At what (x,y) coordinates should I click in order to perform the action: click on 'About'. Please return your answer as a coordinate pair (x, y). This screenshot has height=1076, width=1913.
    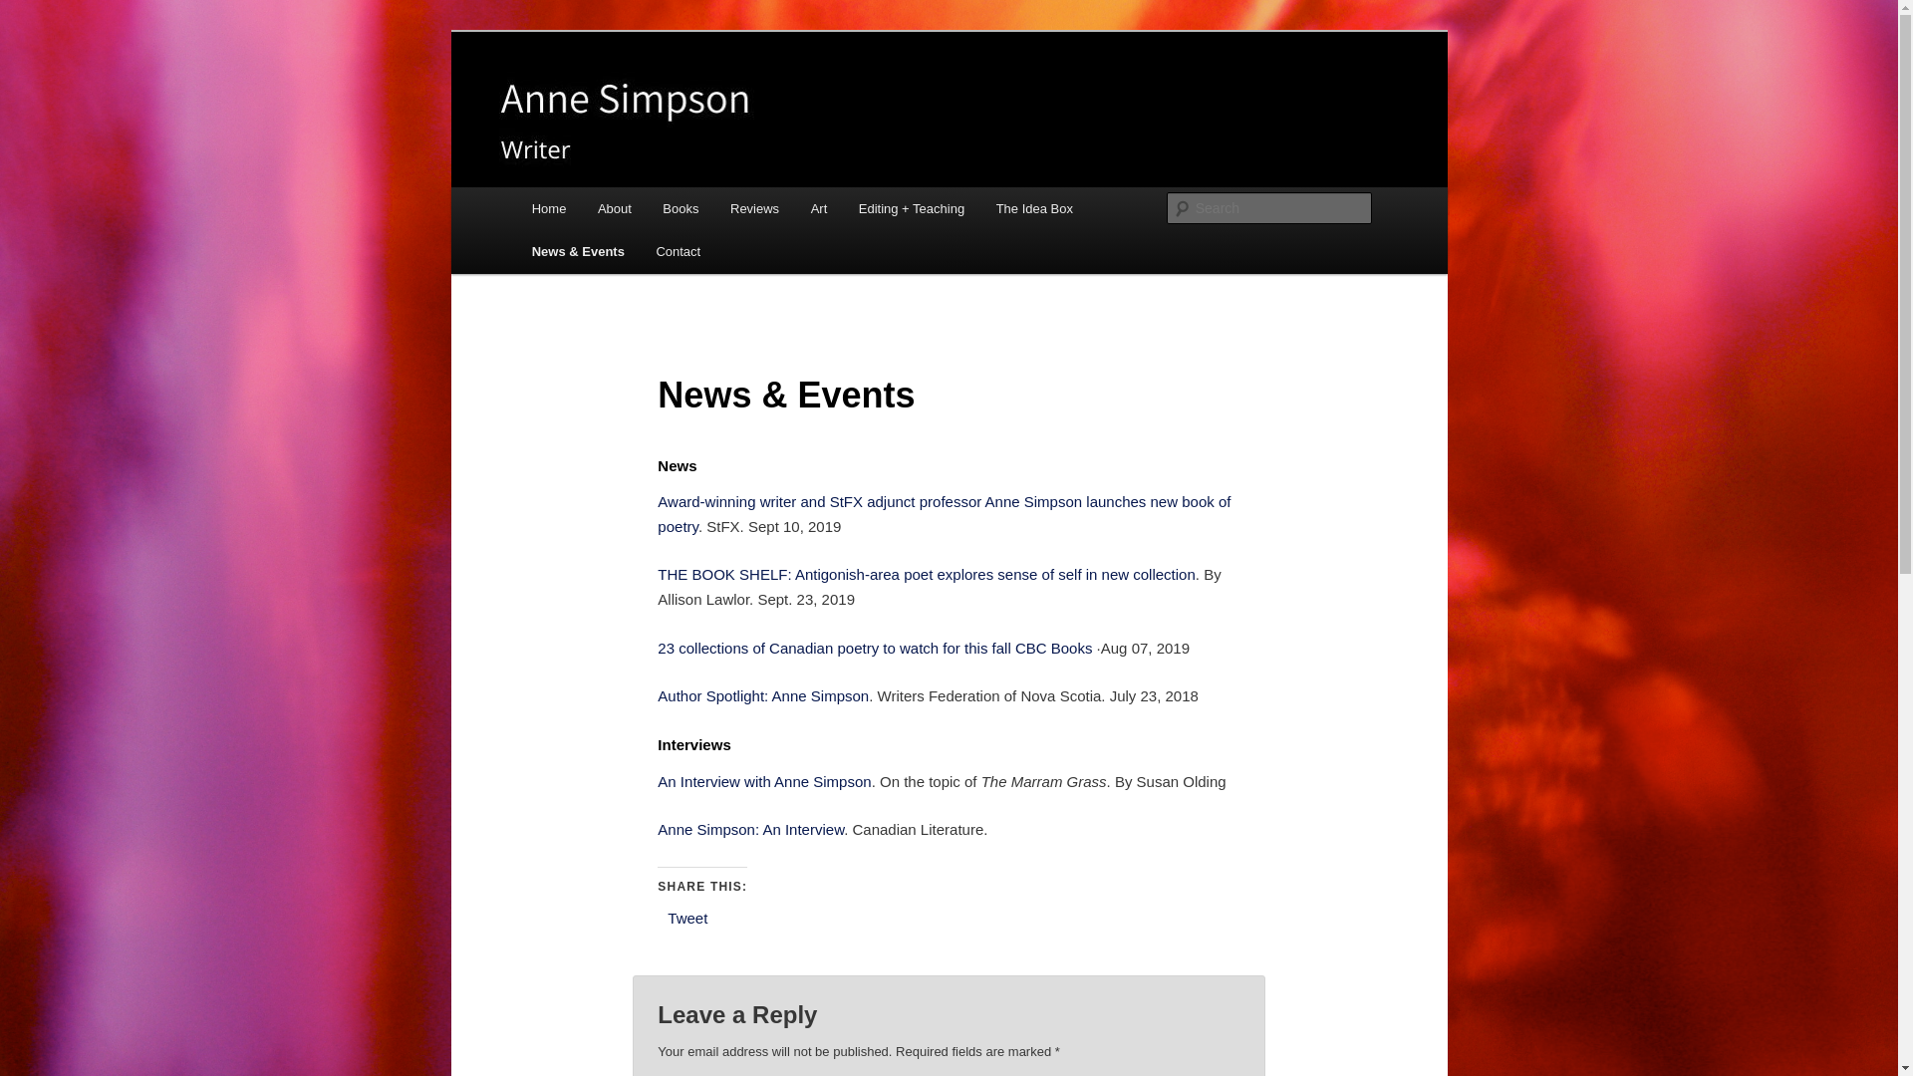
    Looking at the image, I should click on (613, 208).